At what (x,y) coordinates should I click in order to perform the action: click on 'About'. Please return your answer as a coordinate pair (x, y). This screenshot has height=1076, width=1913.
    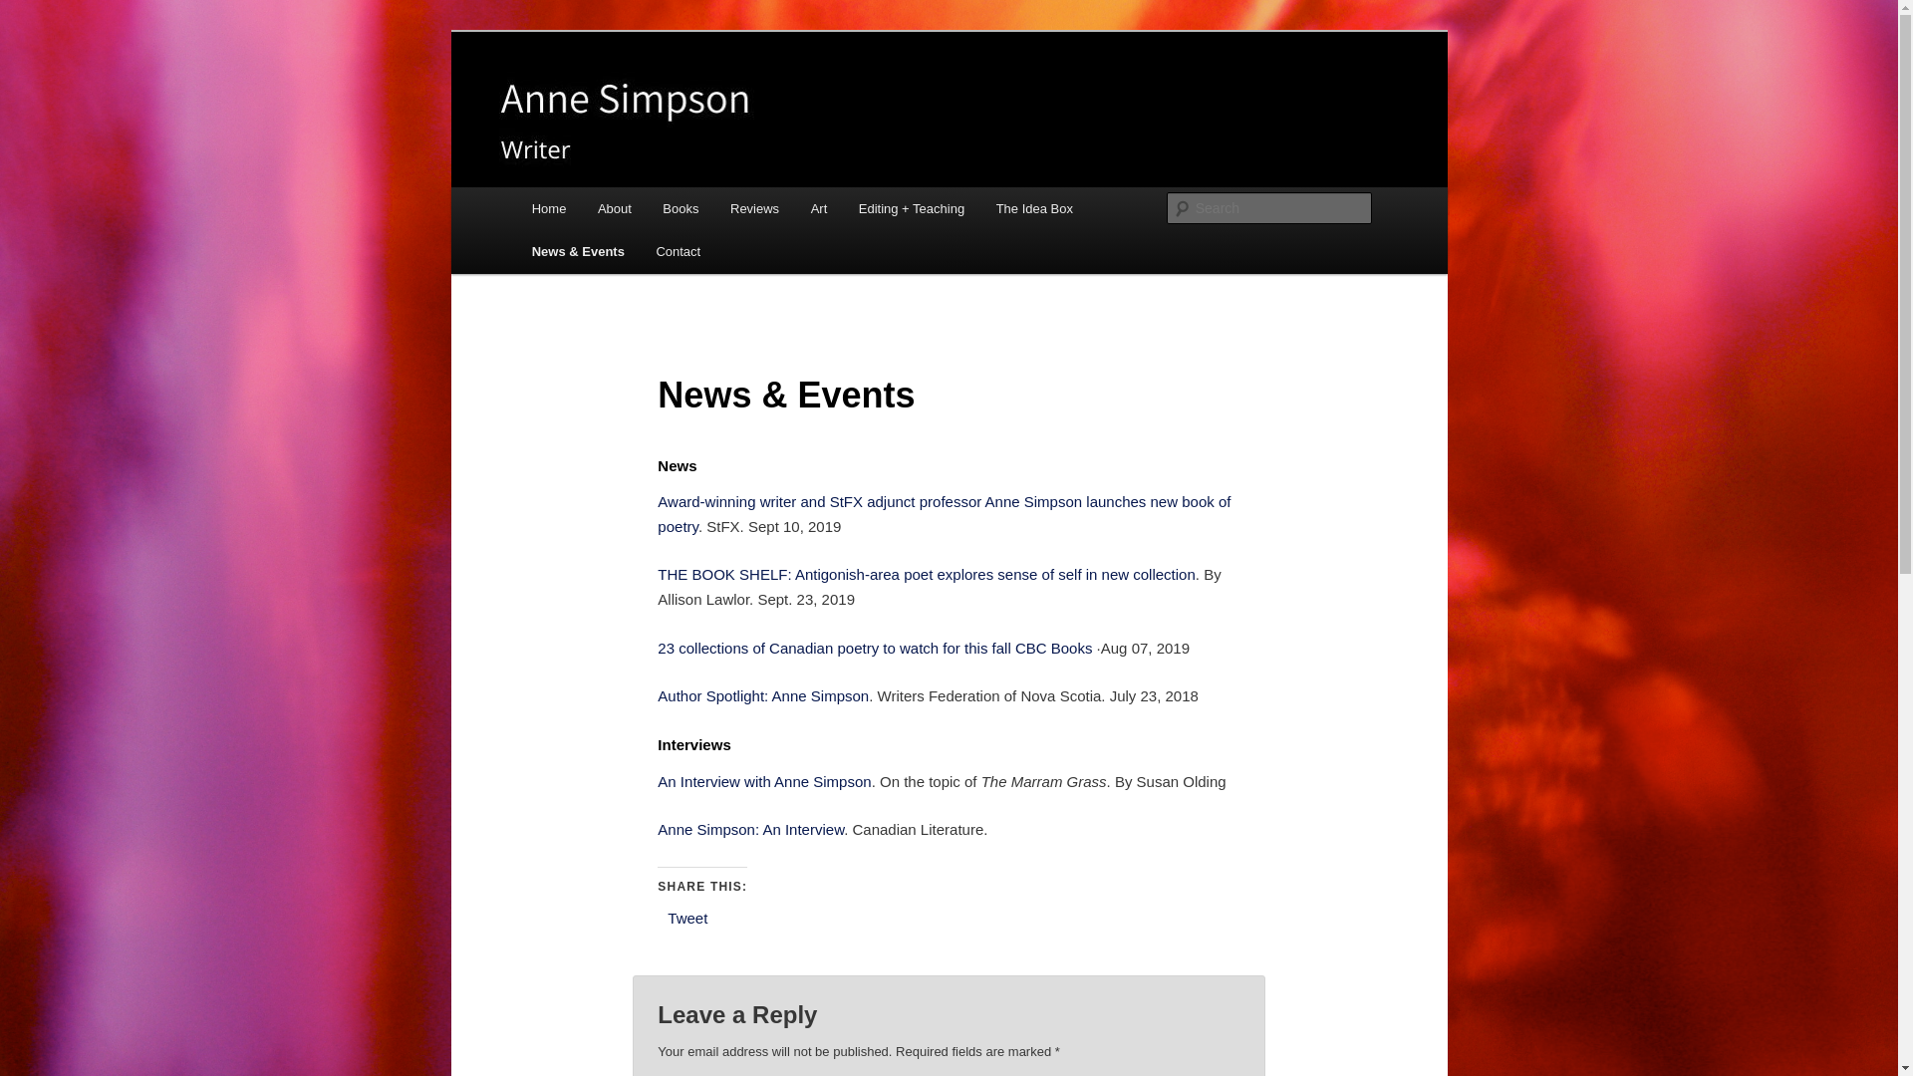
    Looking at the image, I should click on (613, 208).